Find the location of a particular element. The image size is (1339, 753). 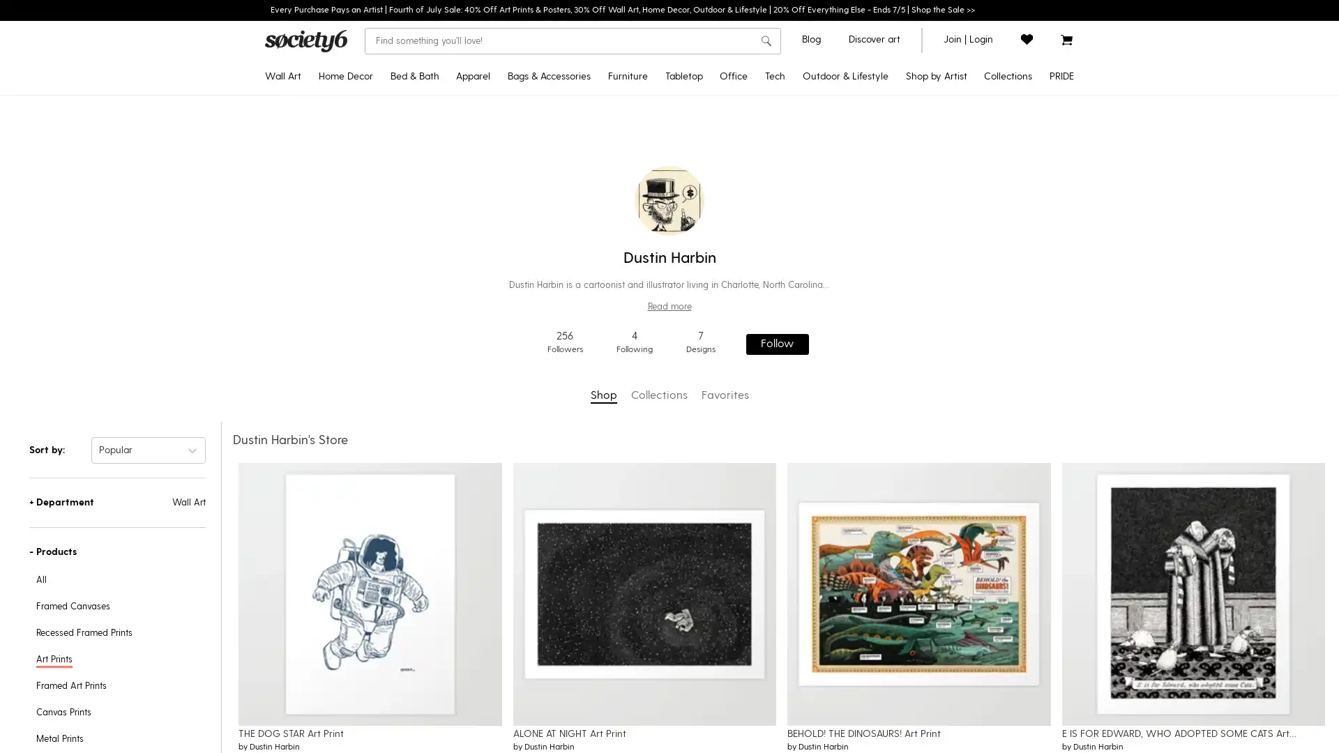

Discover AAPI Artists is located at coordinates (898, 201).